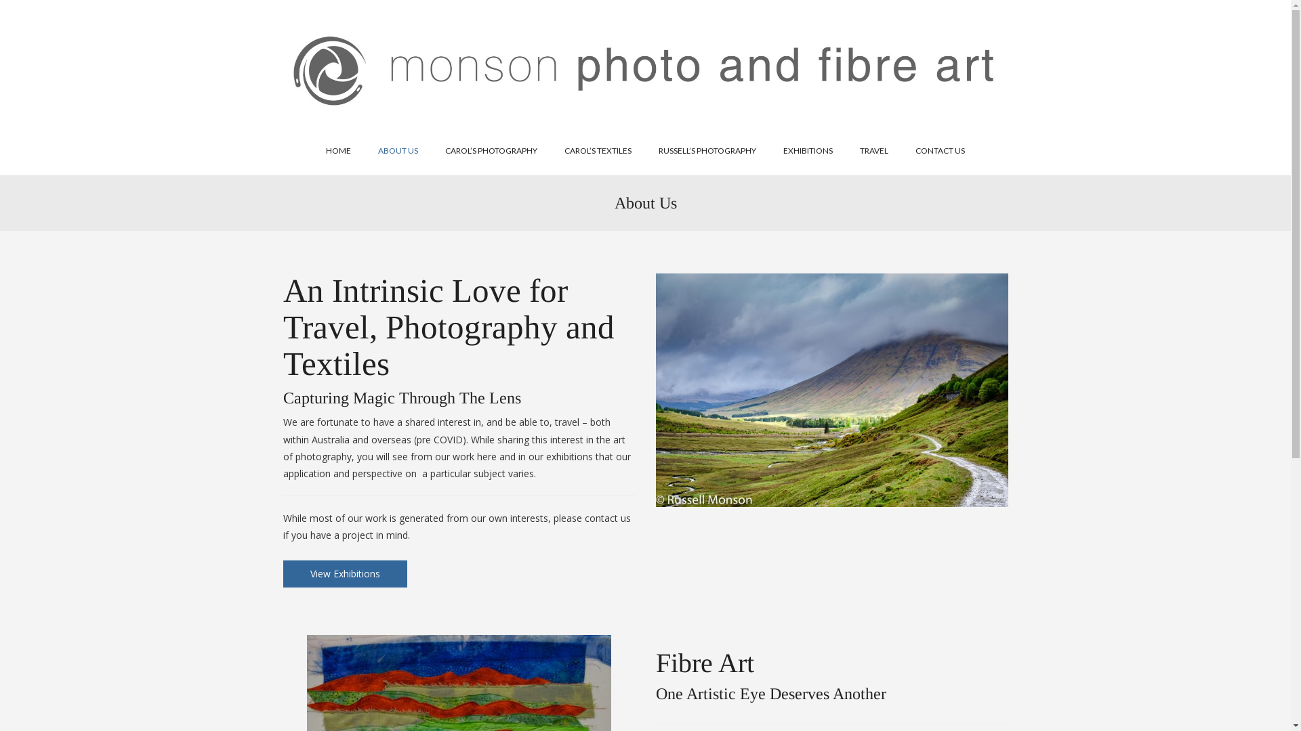 The height and width of the screenshot is (731, 1301). What do you see at coordinates (338, 151) in the screenshot?
I see `'HOME'` at bounding box center [338, 151].